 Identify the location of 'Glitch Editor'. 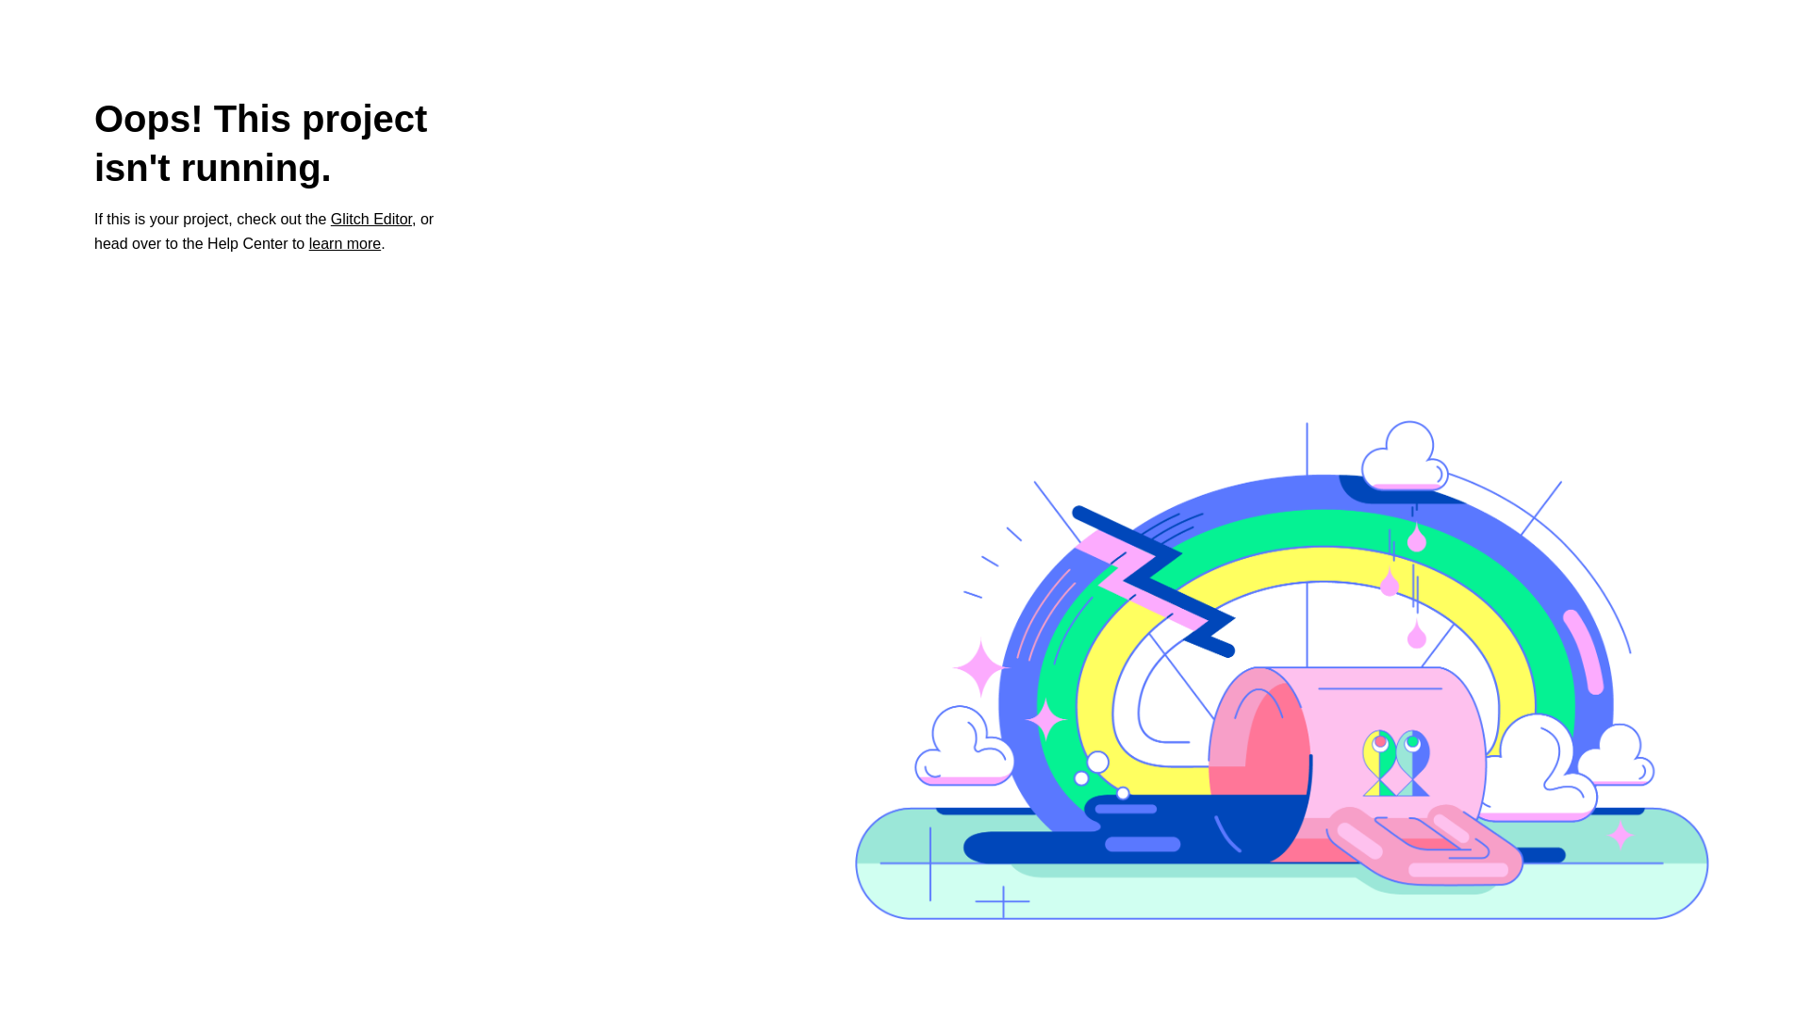
(330, 218).